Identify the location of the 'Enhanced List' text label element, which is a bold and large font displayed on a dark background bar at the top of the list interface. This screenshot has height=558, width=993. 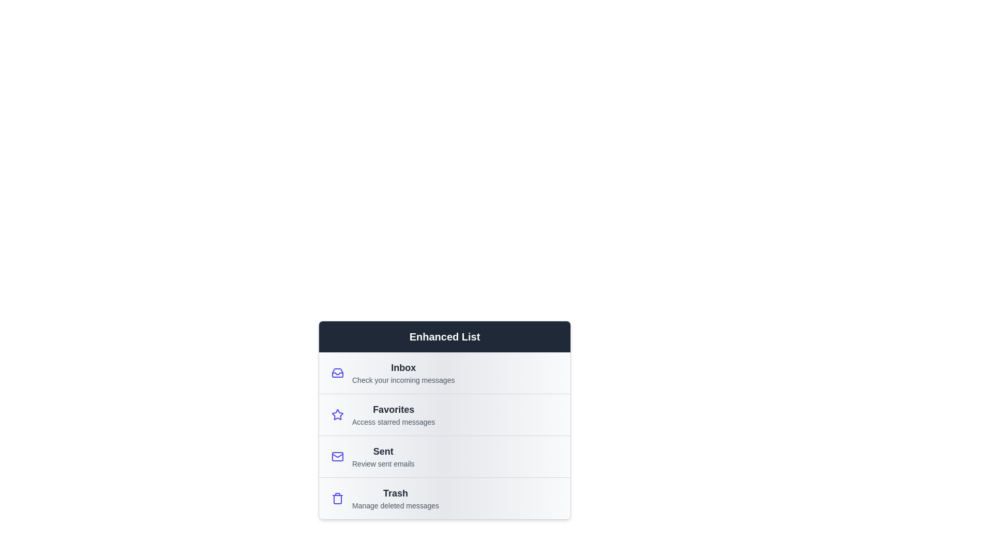
(444, 336).